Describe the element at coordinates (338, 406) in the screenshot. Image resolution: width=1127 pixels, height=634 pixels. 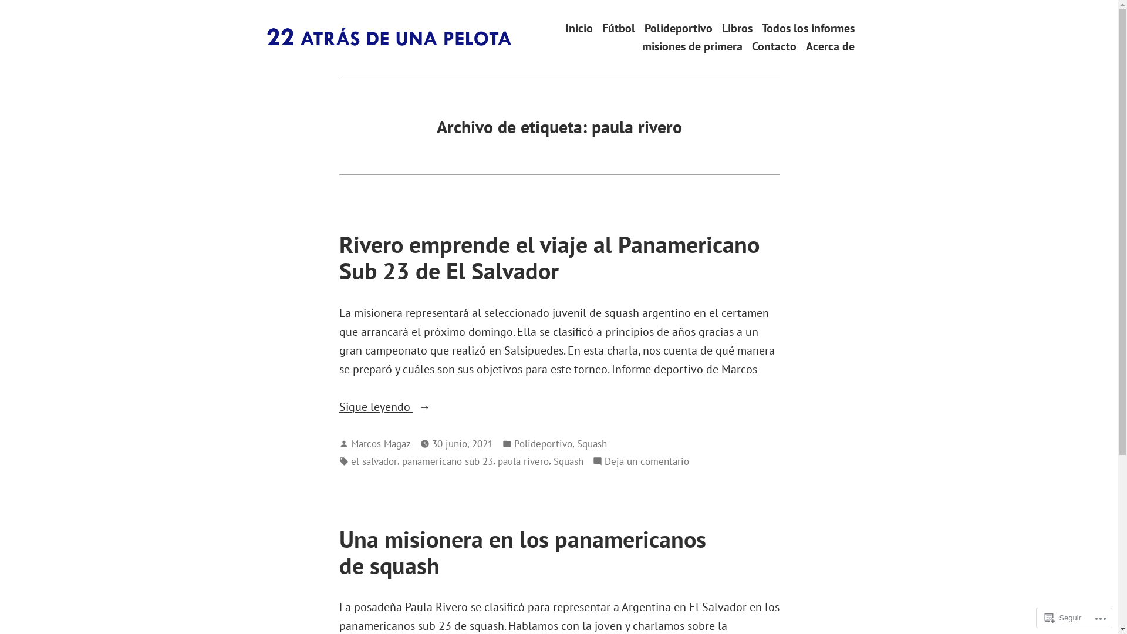
I see `'Sigue leyendo'` at that location.